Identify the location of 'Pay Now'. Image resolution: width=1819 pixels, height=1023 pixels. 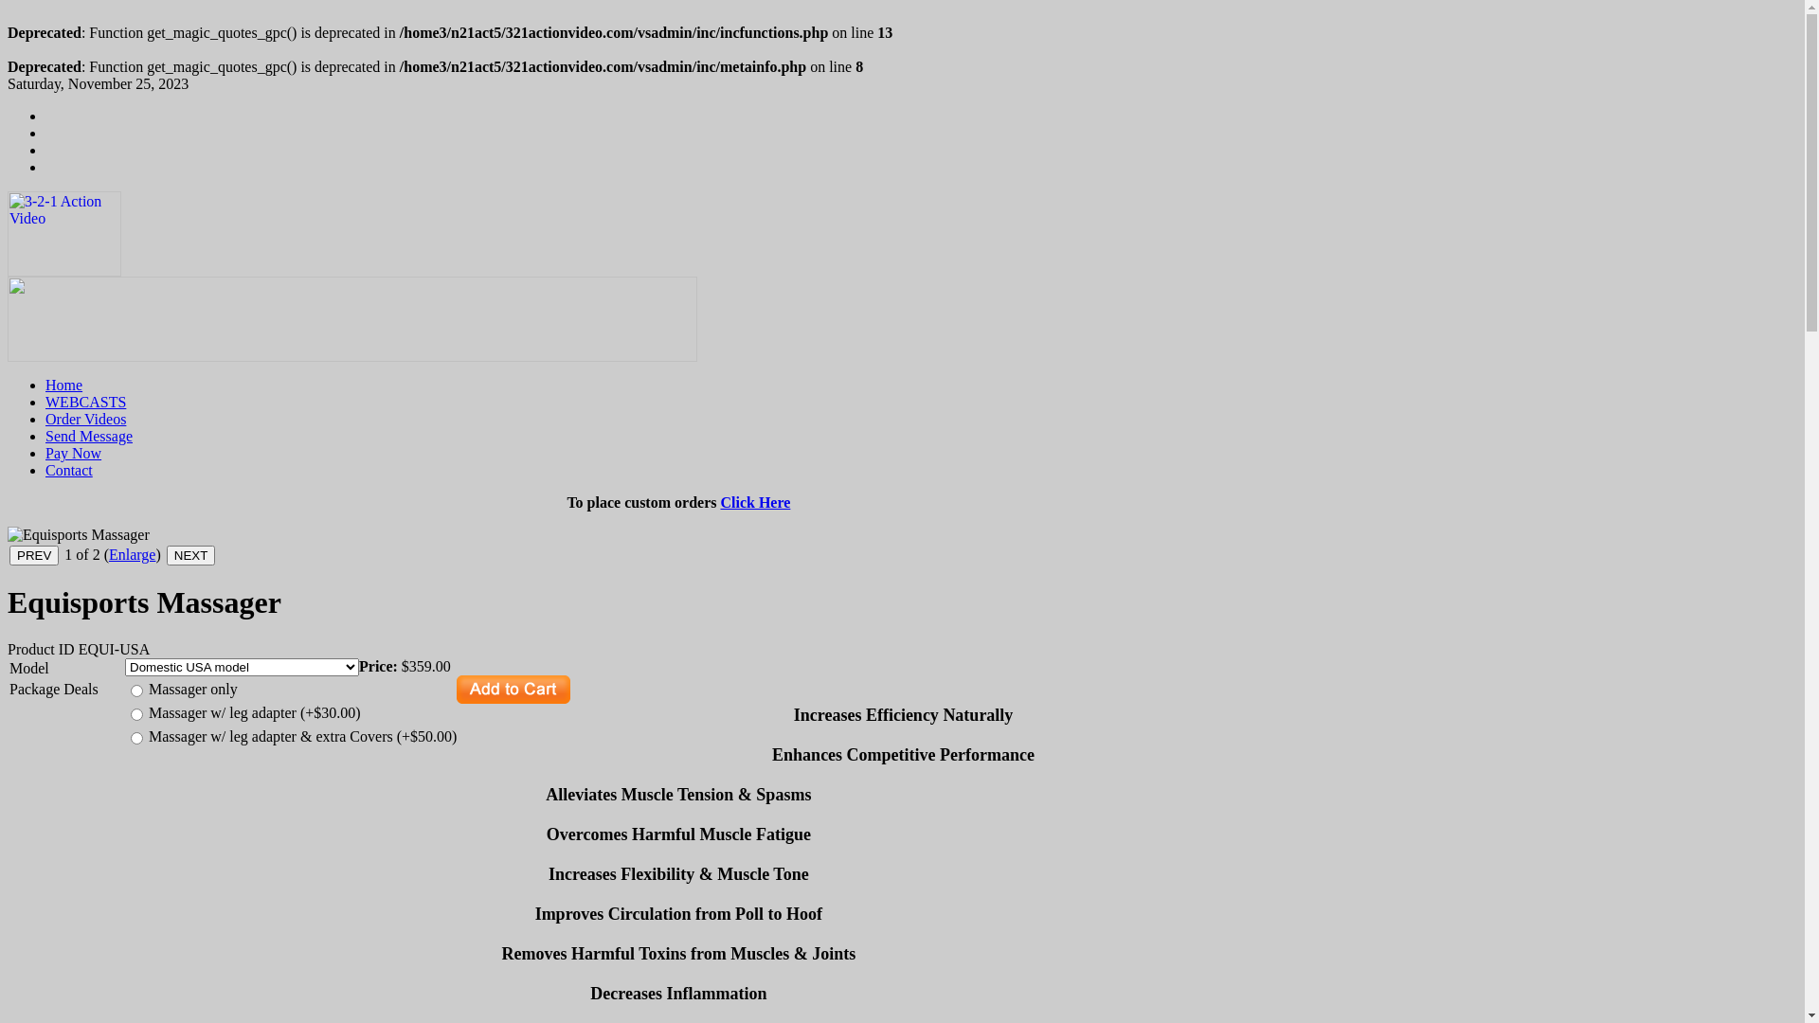
(73, 453).